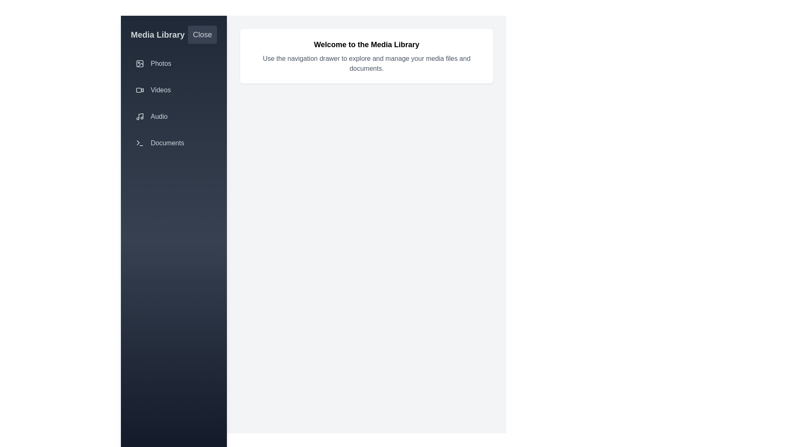 The height and width of the screenshot is (447, 795). What do you see at coordinates (173, 63) in the screenshot?
I see `the sidebar options: Photos` at bounding box center [173, 63].